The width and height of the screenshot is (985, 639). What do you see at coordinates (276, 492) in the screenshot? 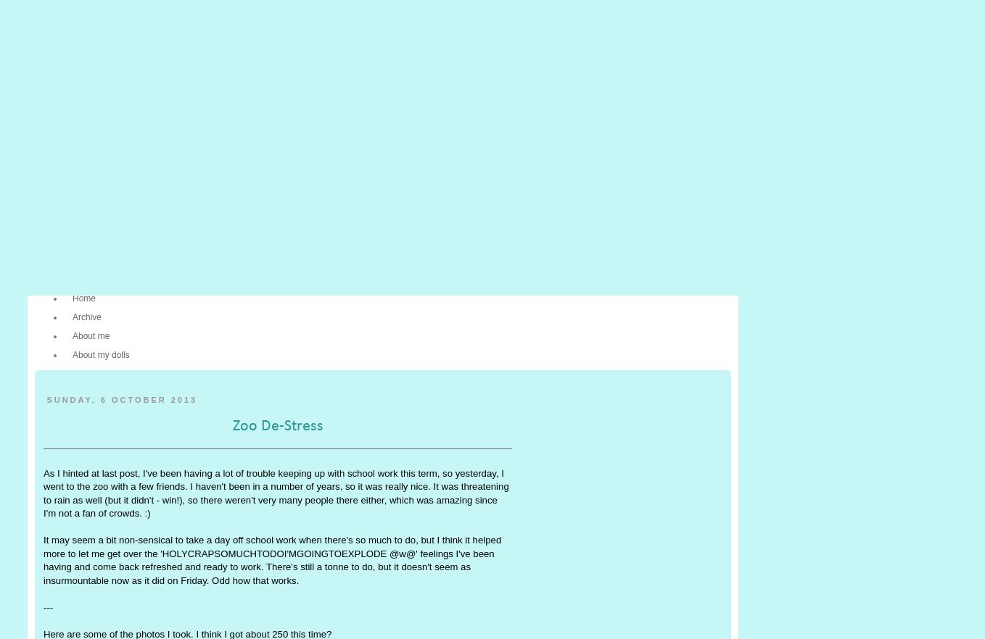
I see `'As I hinted at last post, I've been having a lot of trouble keeping up with school work this term, so yesterday, I went to the zoo with a few friends. I haven't been in a number of years, so it was really nice. It was threatening to rain as well (but it didn't - win!), so there weren't very many people there either, which was amazing since I'm not a fan of crowds. :)'` at bounding box center [276, 492].